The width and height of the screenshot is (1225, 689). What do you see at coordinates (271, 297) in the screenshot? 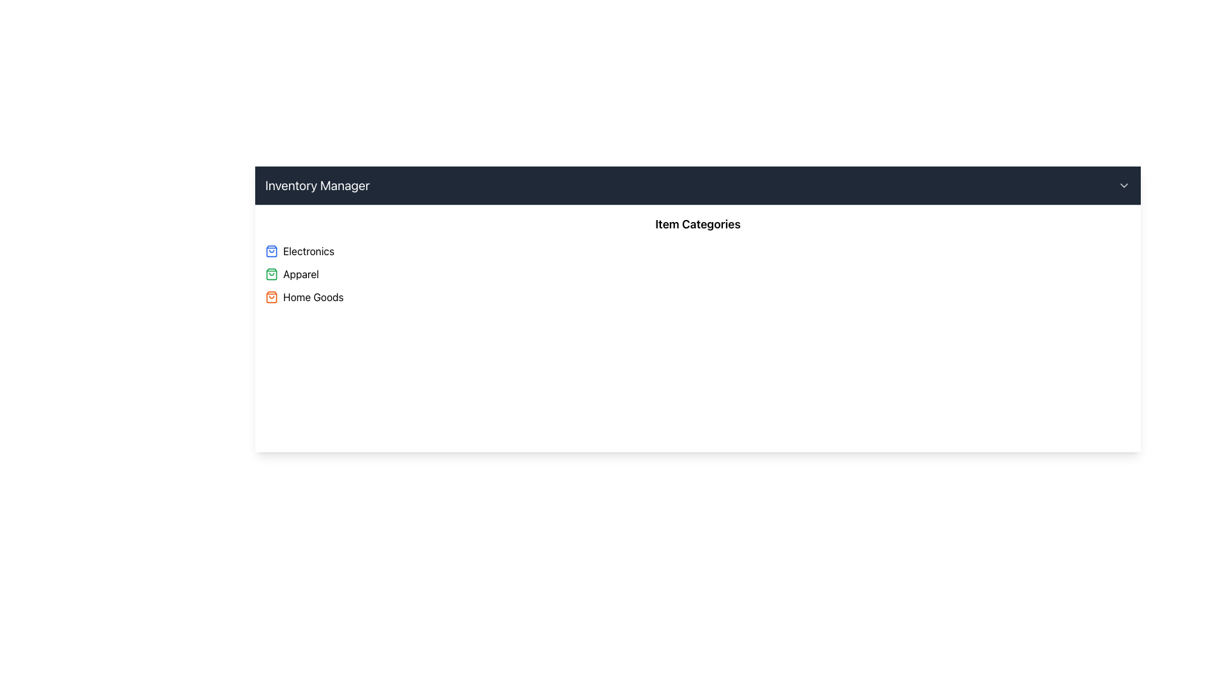
I see `'Home Goods' category icon (SVG Image) located to the left of the text 'Home Goods' for its attributes` at bounding box center [271, 297].